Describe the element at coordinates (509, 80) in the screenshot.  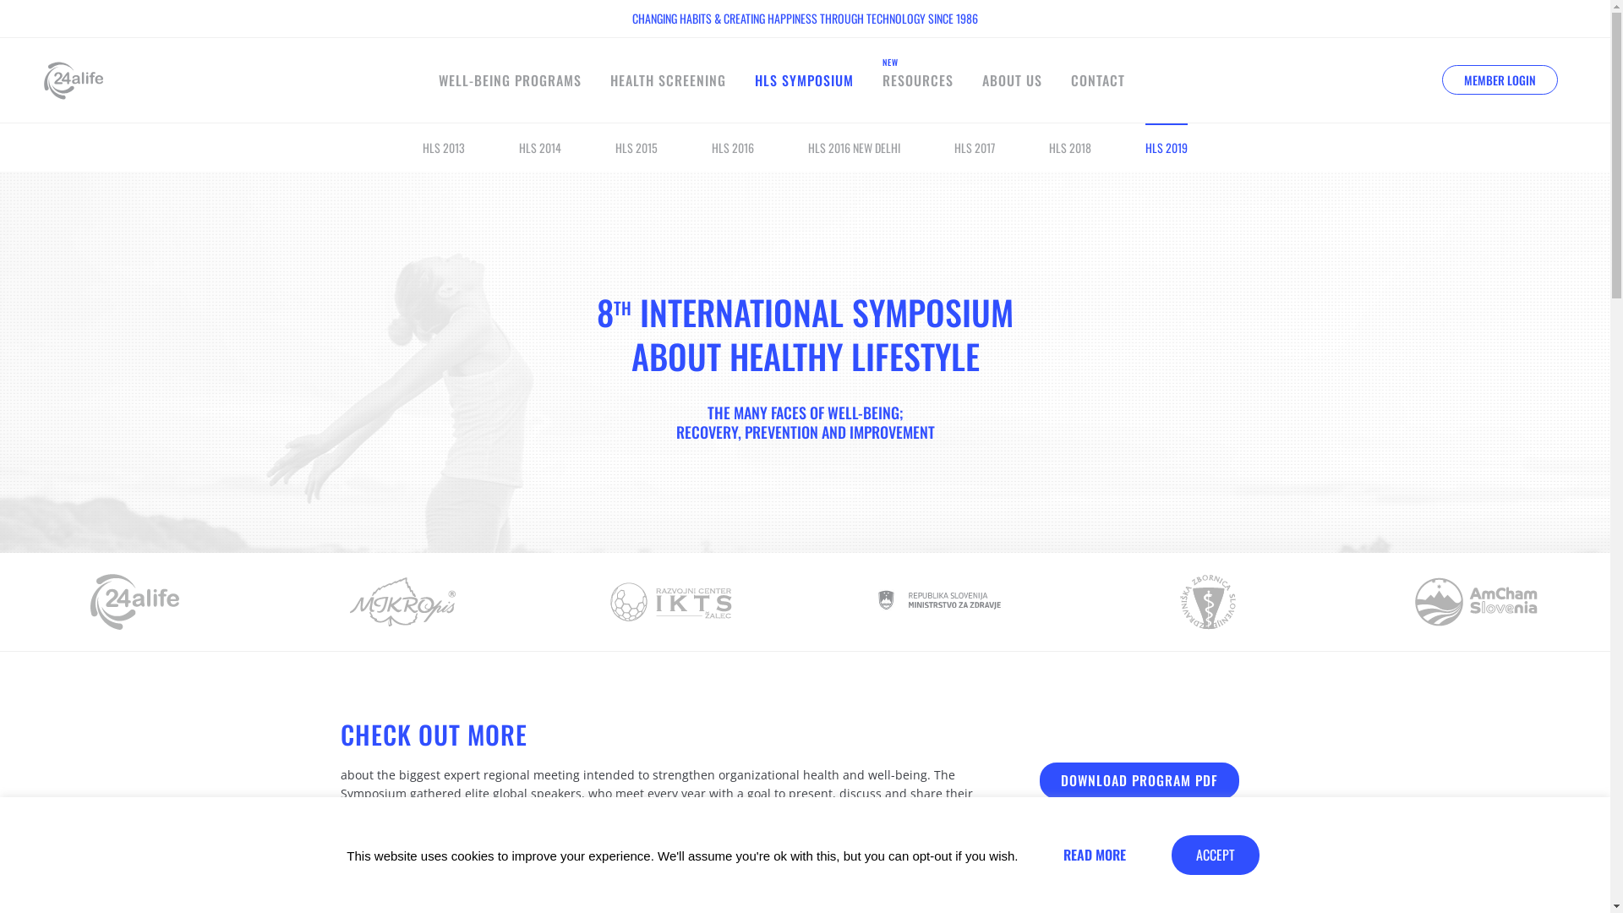
I see `'WELL-BEING PROGRAMS'` at that location.